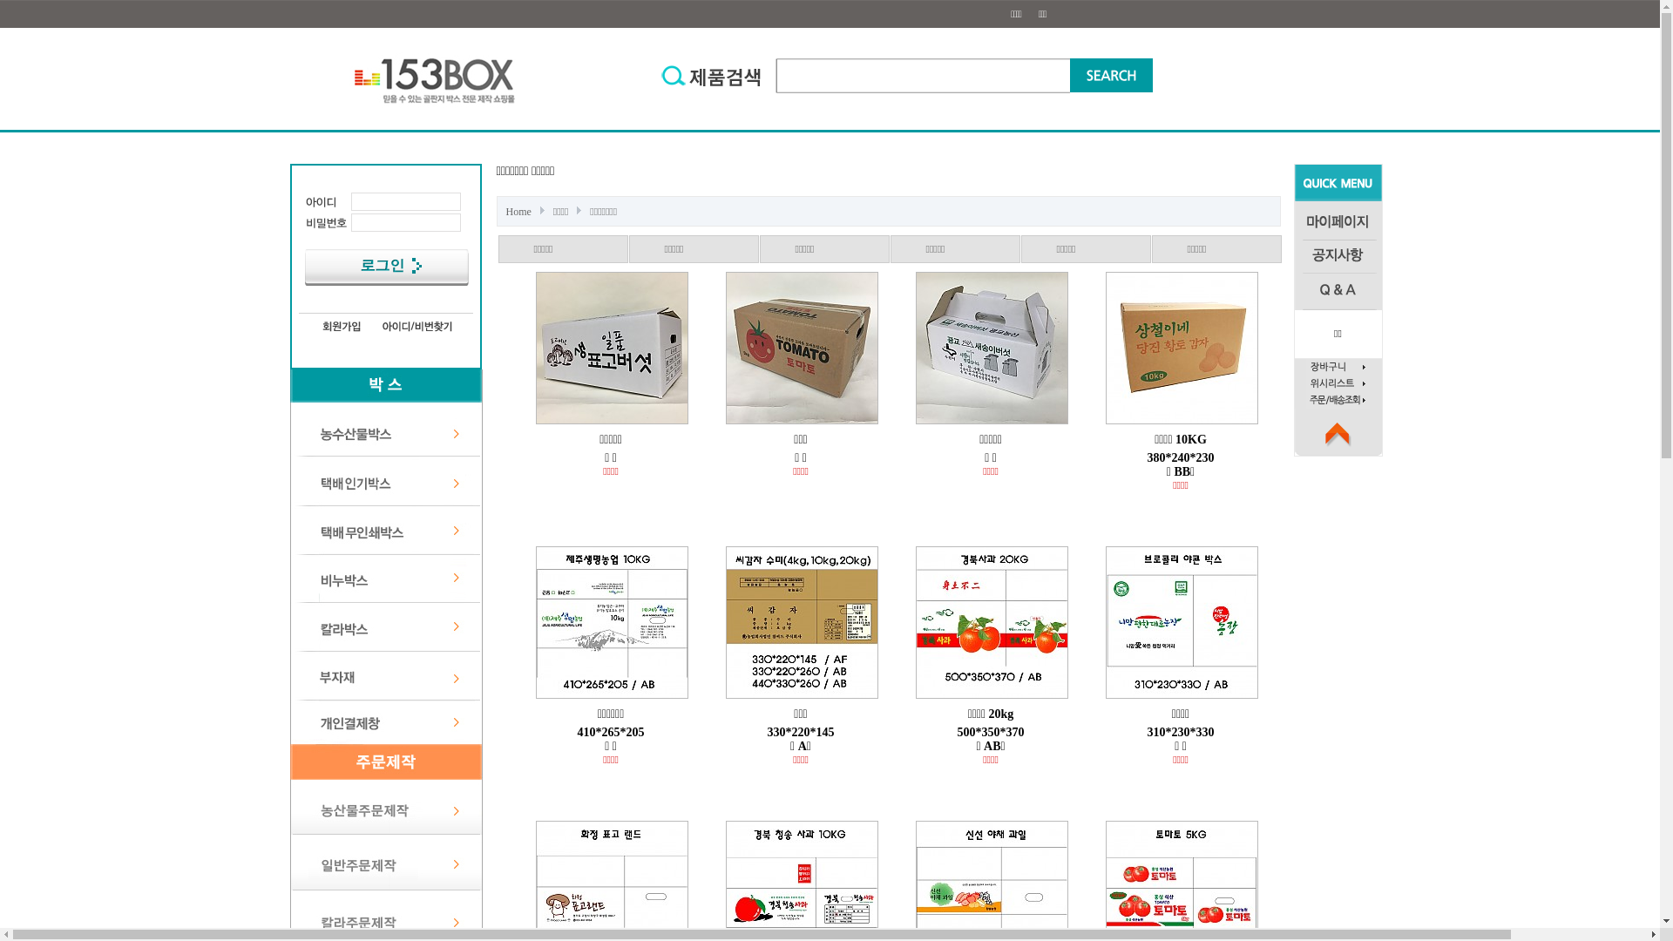  I want to click on 'Home', so click(518, 210).